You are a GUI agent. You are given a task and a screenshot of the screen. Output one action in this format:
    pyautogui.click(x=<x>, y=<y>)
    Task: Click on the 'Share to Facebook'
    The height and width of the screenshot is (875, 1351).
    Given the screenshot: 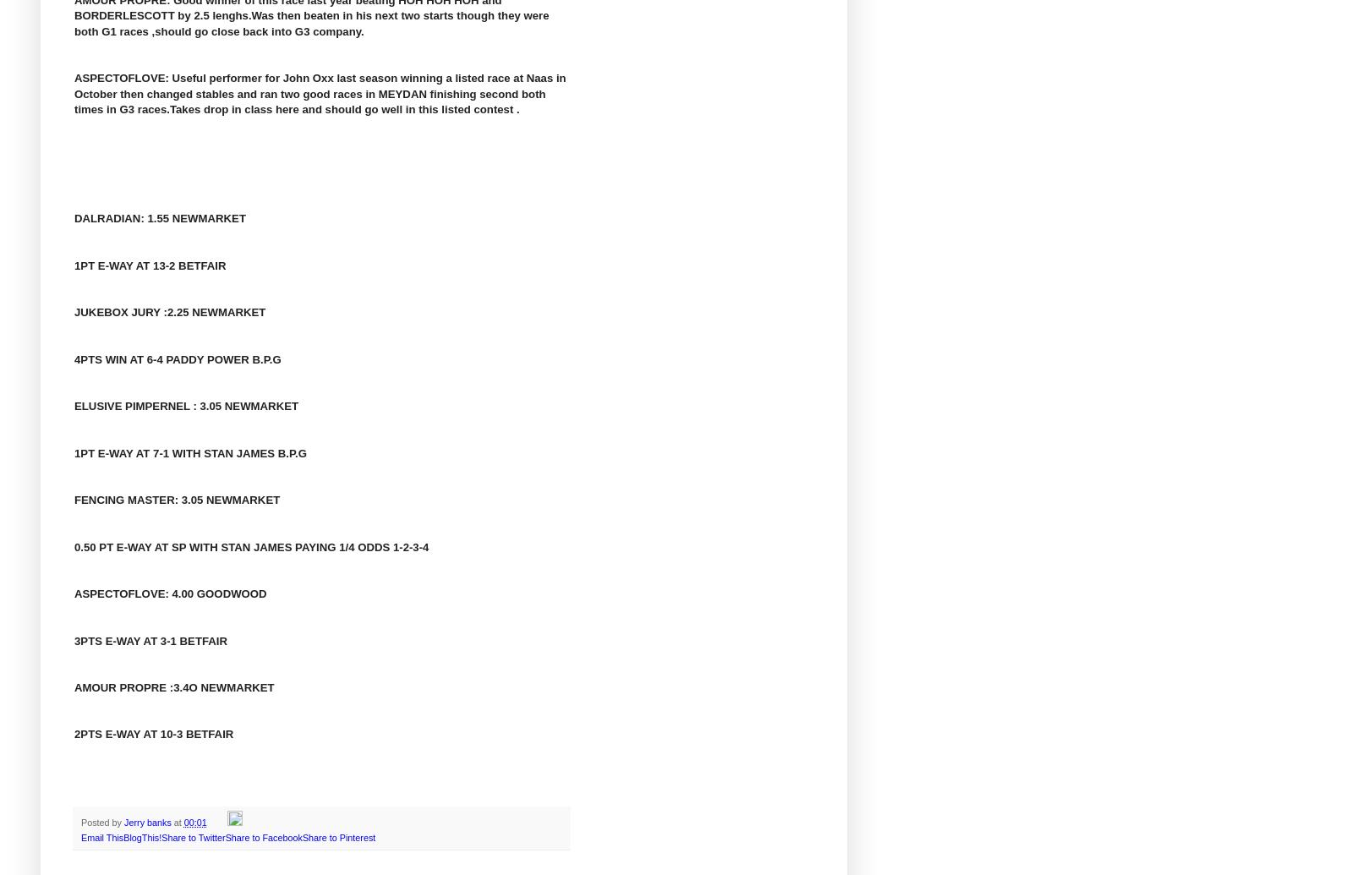 What is the action you would take?
    pyautogui.click(x=262, y=835)
    